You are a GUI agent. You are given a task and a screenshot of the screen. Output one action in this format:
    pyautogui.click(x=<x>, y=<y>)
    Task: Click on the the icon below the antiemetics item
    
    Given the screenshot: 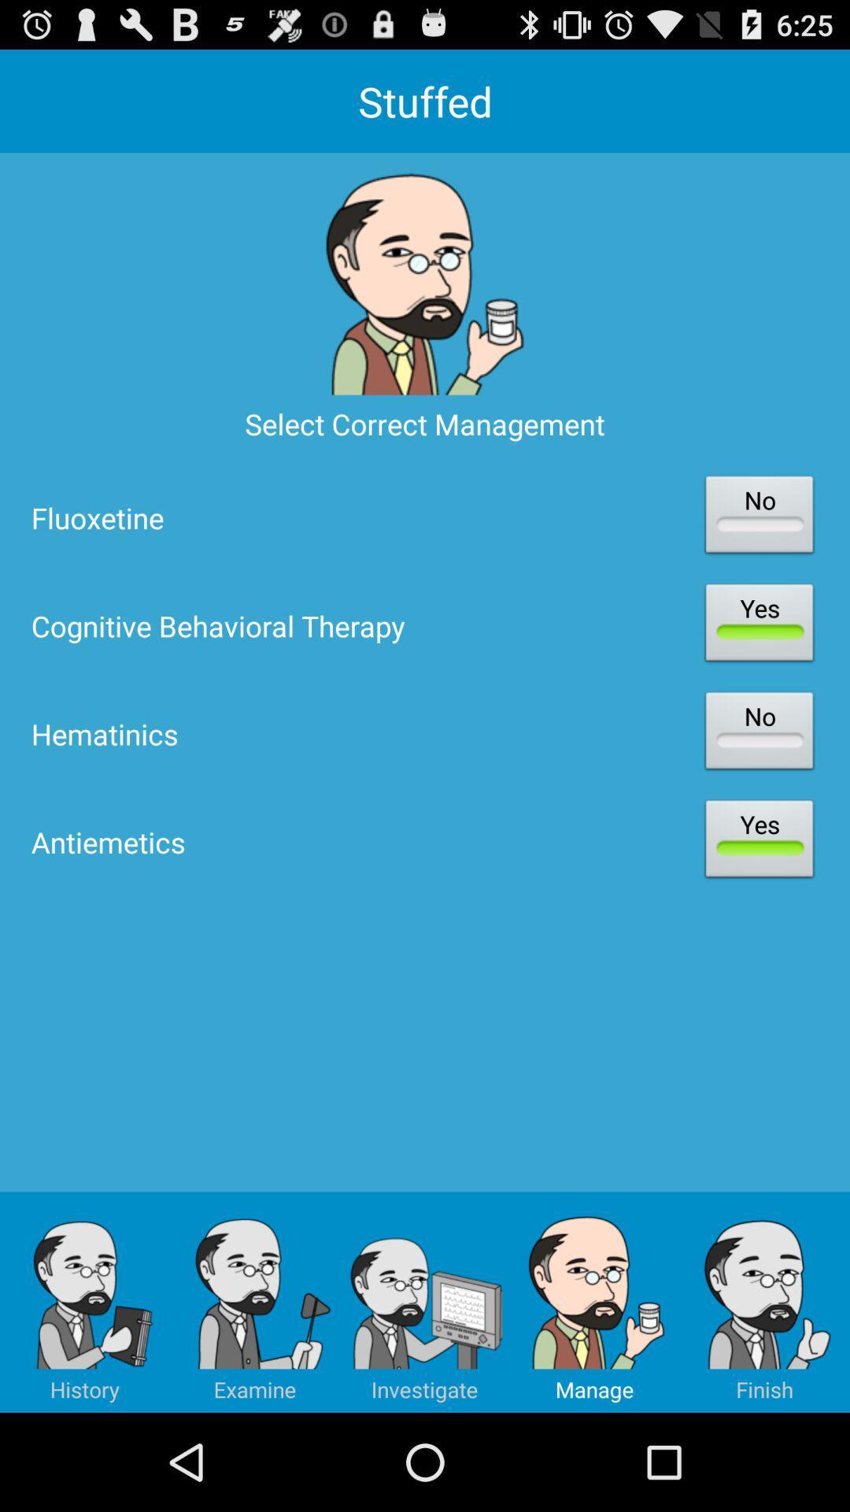 What is the action you would take?
    pyautogui.click(x=425, y=1302)
    